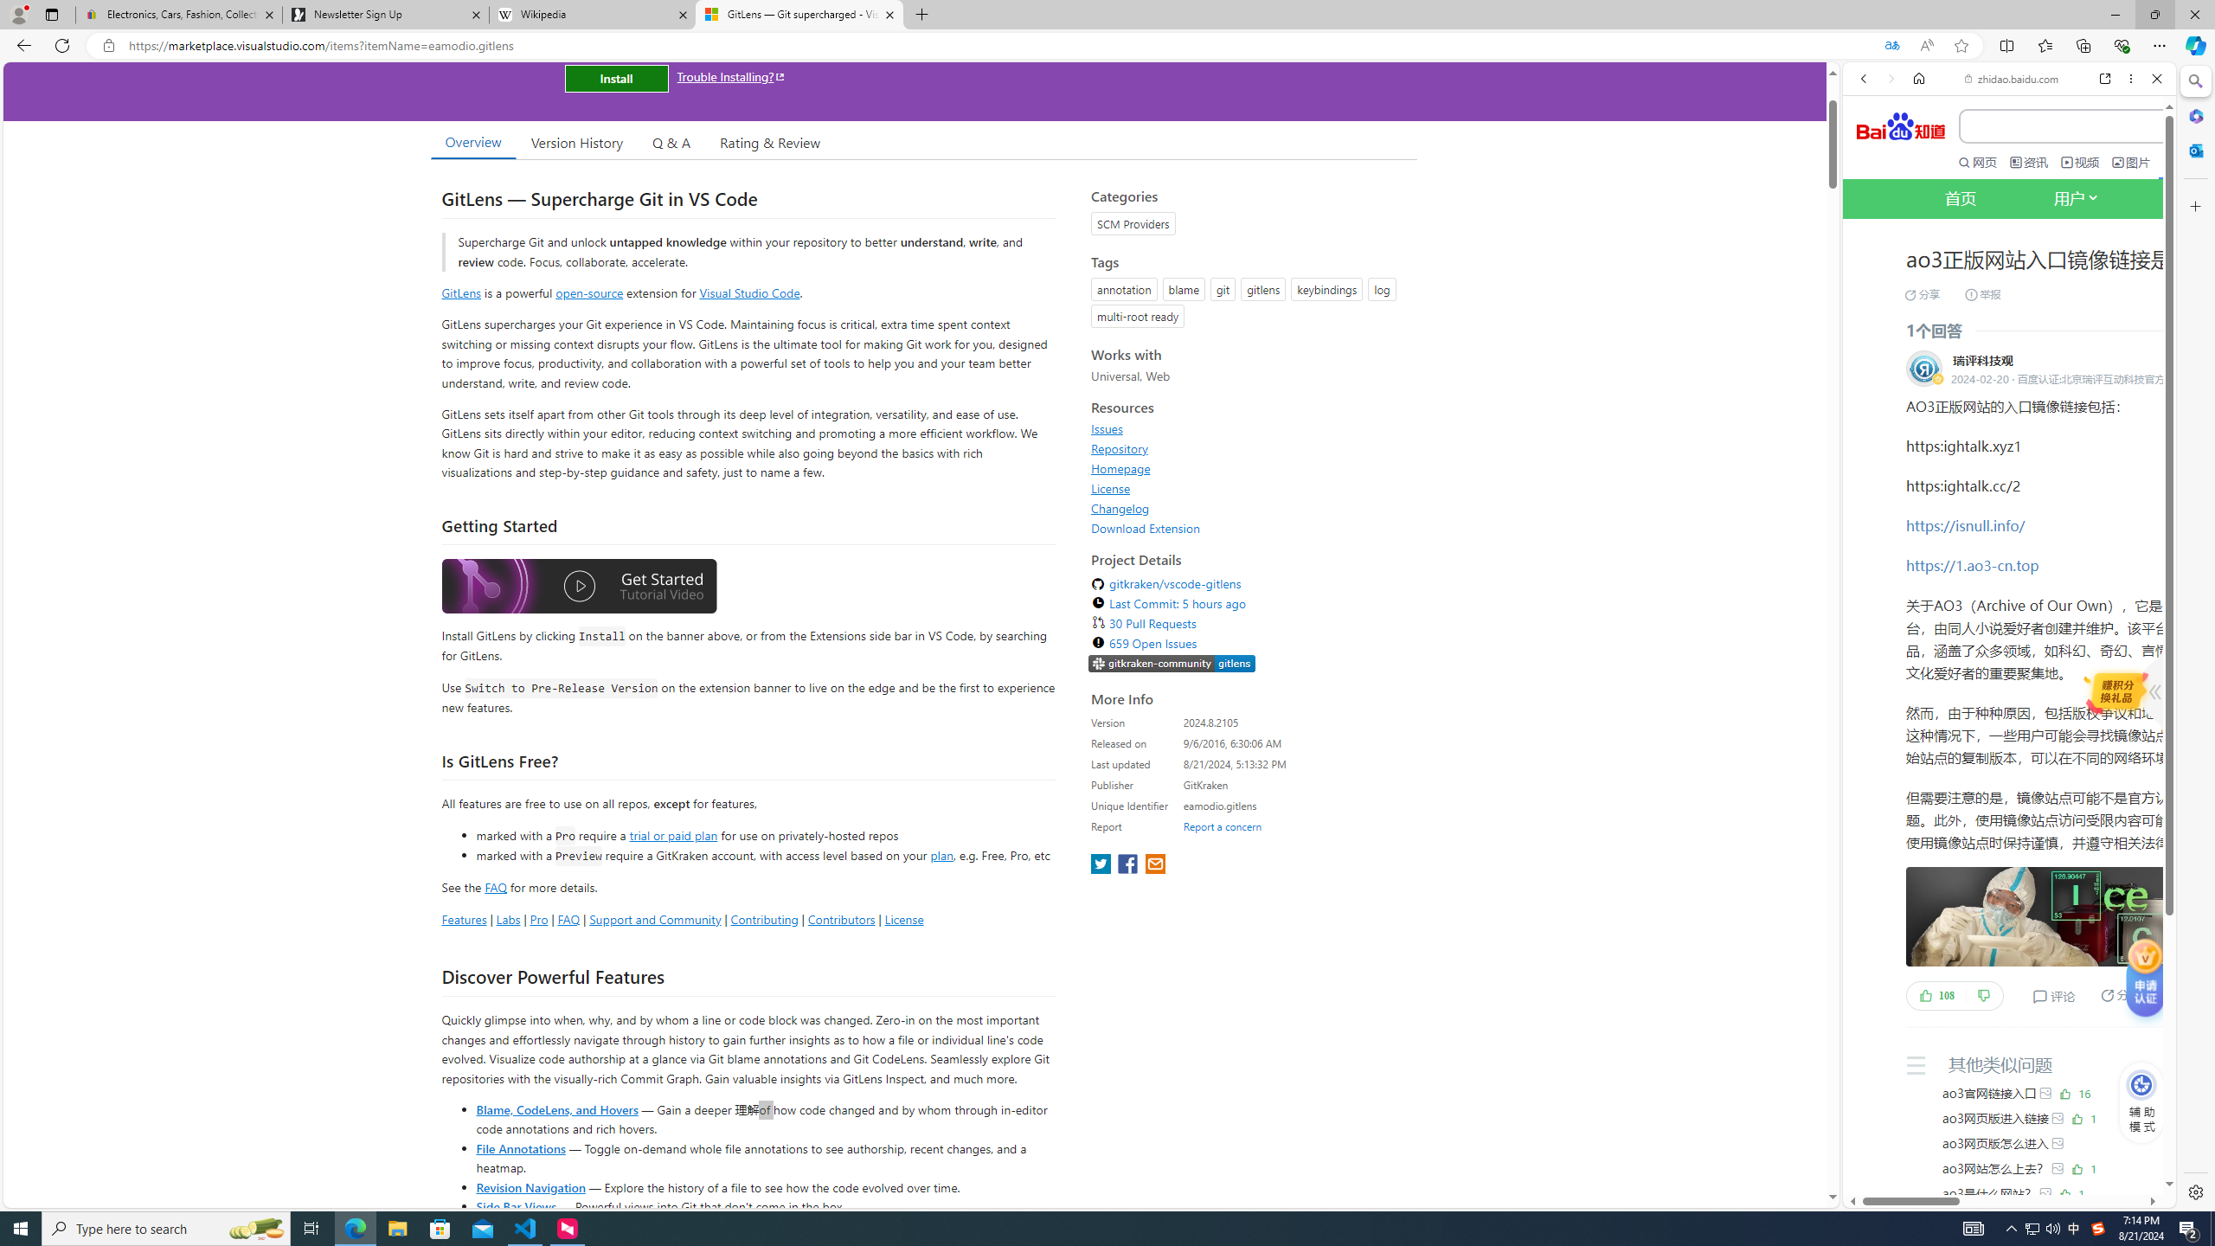 This screenshot has height=1246, width=2215. What do you see at coordinates (2007, 501) in the screenshot?
I see `'English (US)'` at bounding box center [2007, 501].